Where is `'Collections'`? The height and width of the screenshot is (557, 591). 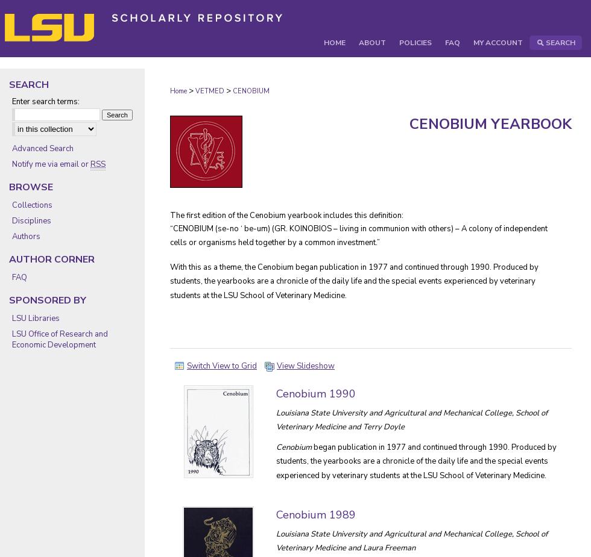
'Collections' is located at coordinates (32, 204).